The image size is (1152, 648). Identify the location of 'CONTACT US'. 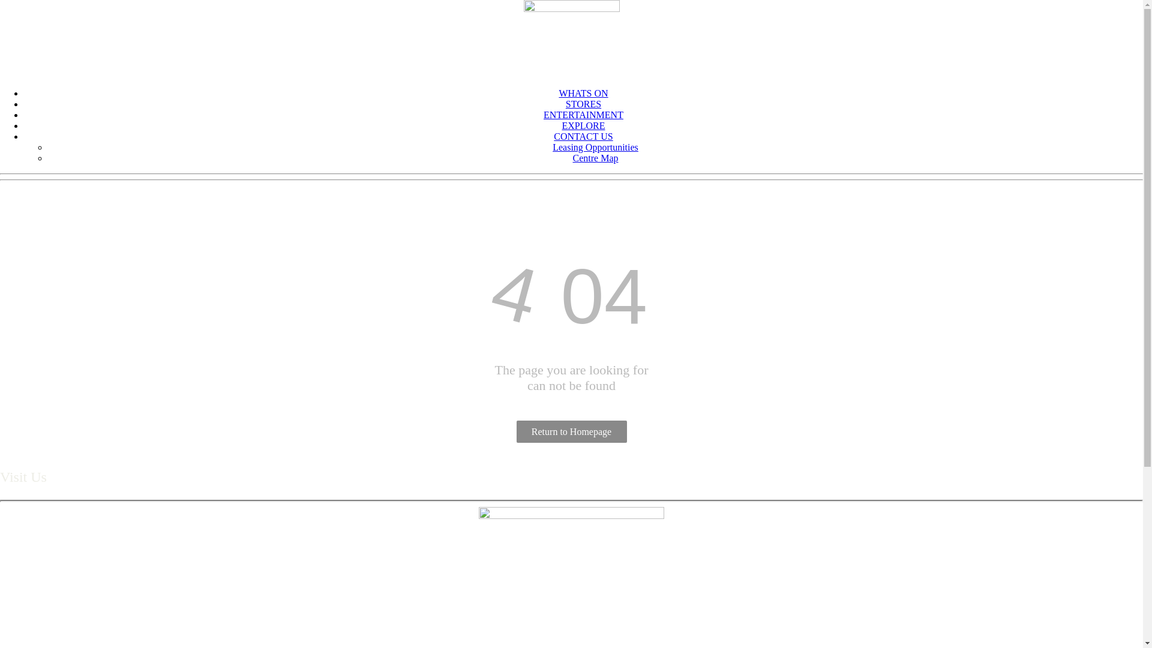
(553, 136).